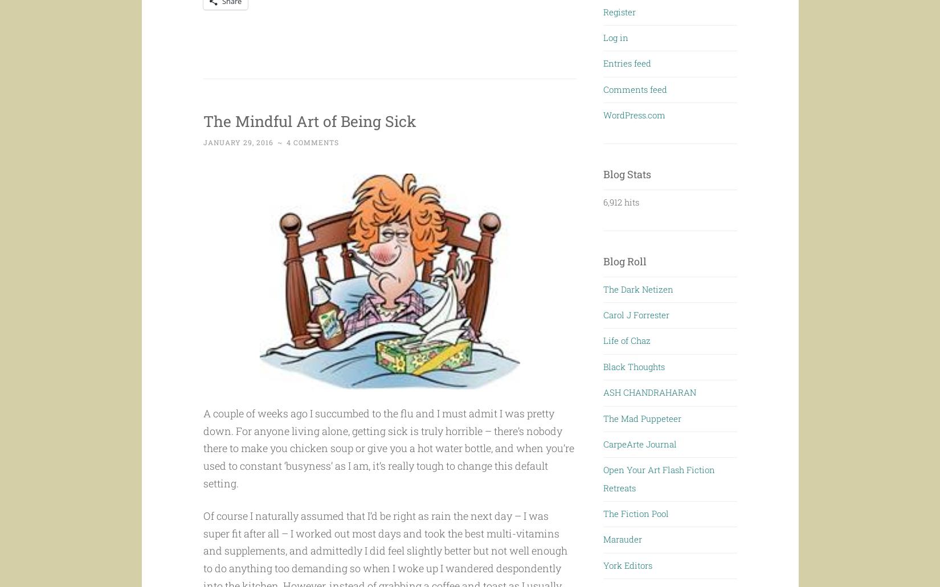  I want to click on 'York Editors', so click(628, 564).